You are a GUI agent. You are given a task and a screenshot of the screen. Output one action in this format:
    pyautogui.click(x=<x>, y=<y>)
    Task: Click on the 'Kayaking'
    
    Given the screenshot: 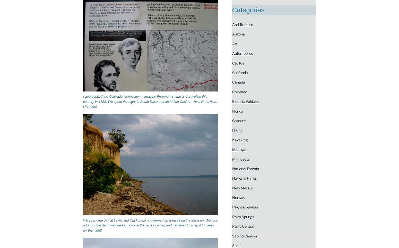 What is the action you would take?
    pyautogui.click(x=232, y=139)
    